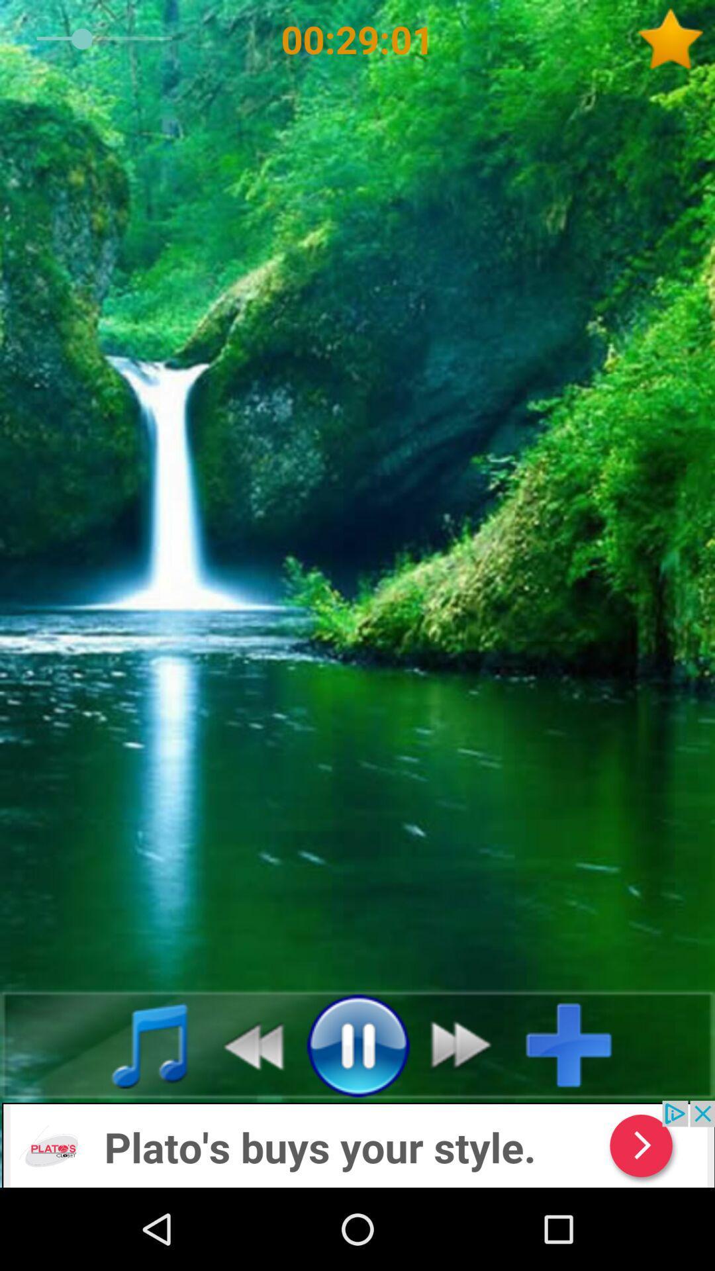  I want to click on the av_forward icon, so click(468, 1044).